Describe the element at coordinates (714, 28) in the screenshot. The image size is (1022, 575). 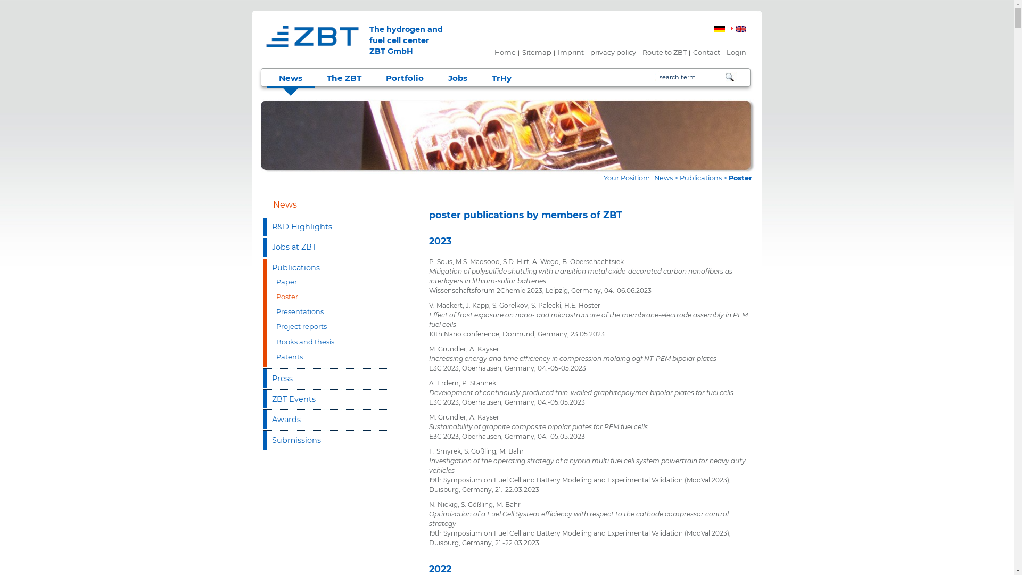
I see `'German'` at that location.